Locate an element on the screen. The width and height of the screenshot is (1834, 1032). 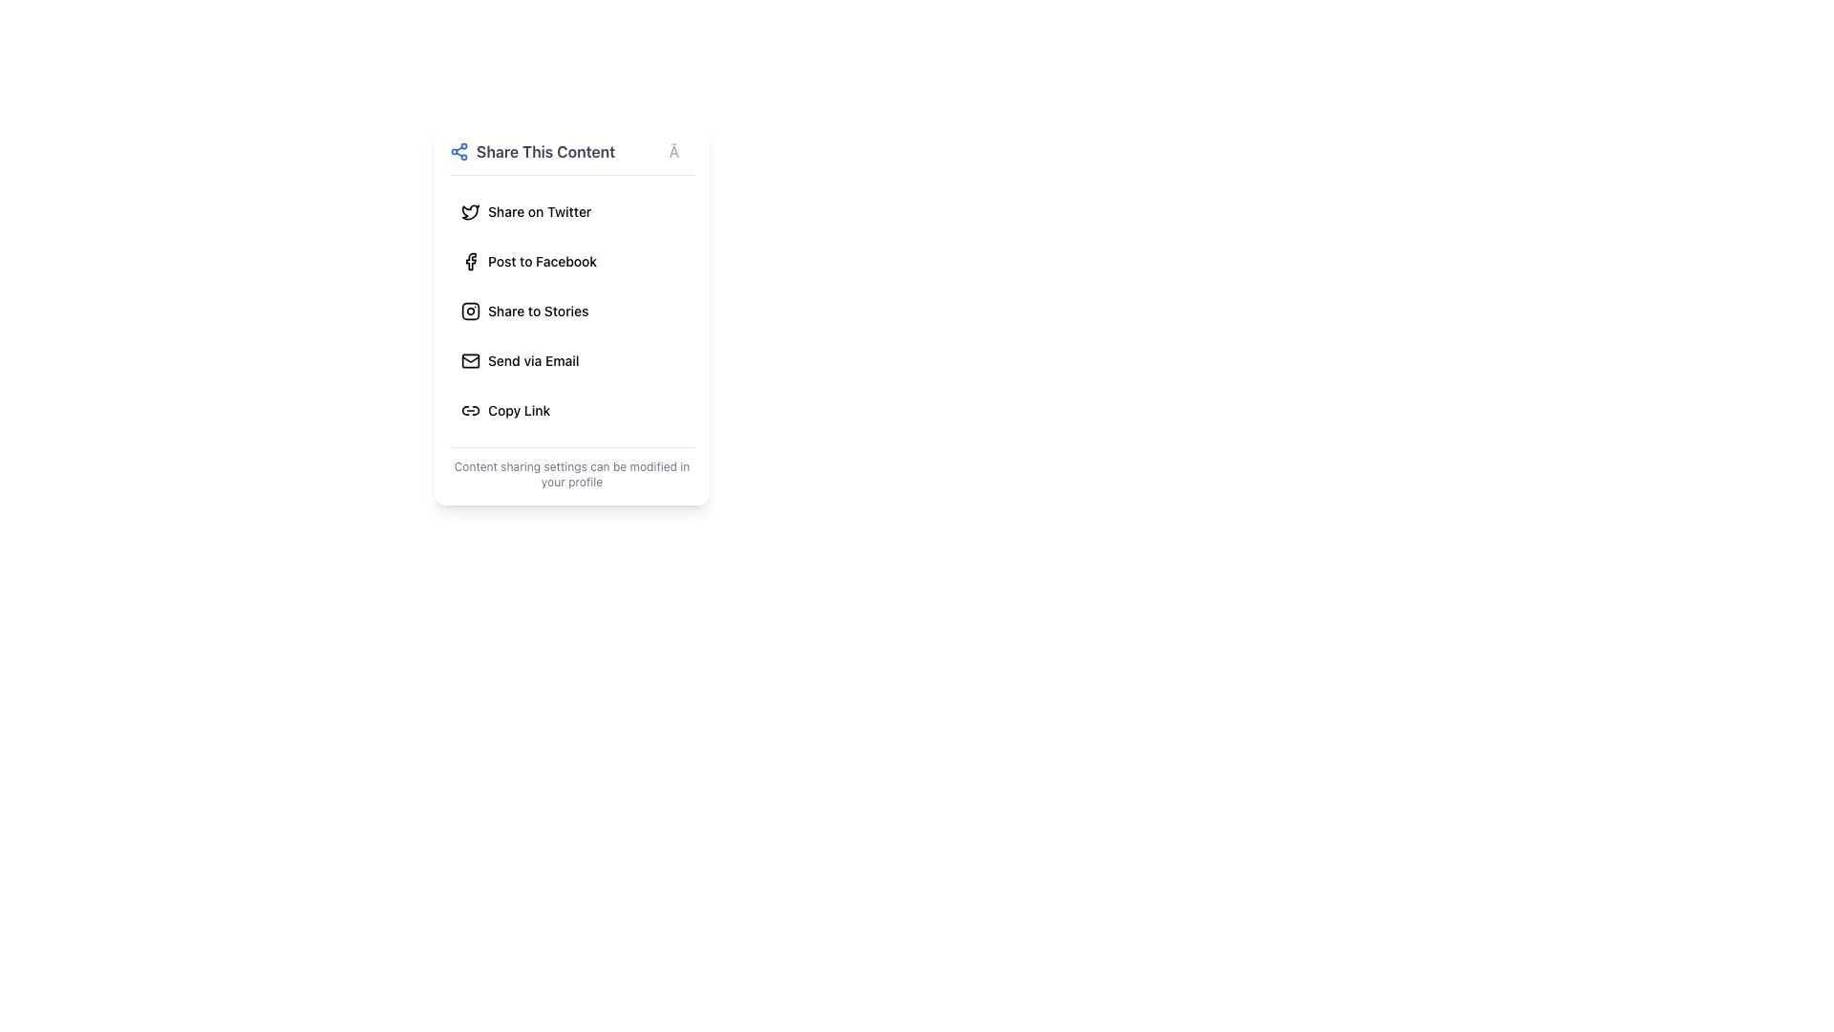
text of the Text Label that indicates the sharing option, located at the bottom of the 'Share This Content' section, to the right of the link icon is located at coordinates (519, 409).